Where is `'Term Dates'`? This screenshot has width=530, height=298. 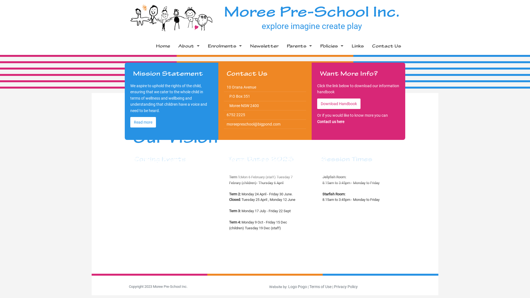
'Term Dates' is located at coordinates (299, 58).